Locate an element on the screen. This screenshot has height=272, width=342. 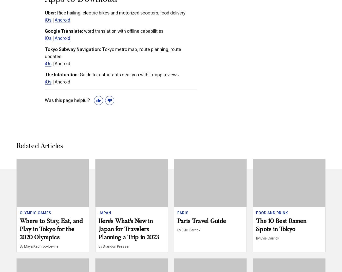
'Tokyo Subway Navigation:' is located at coordinates (72, 49).